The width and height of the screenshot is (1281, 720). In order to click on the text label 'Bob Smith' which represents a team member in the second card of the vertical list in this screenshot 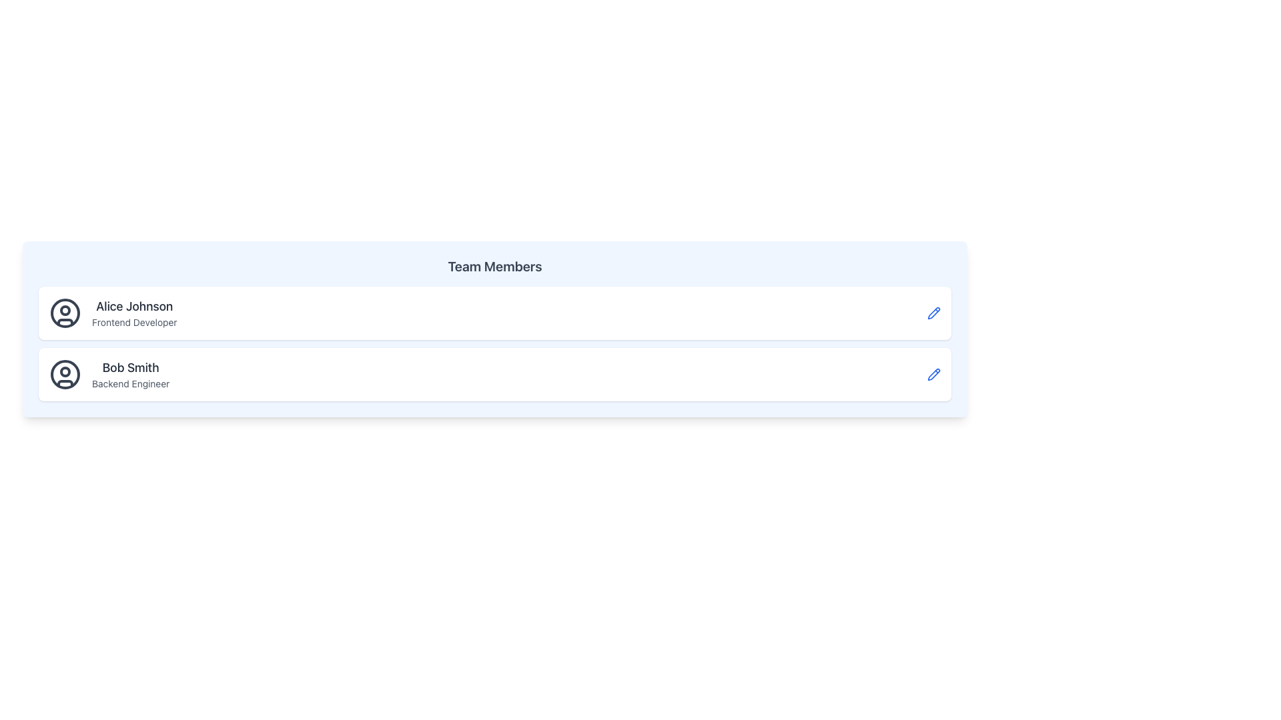, I will do `click(131, 367)`.